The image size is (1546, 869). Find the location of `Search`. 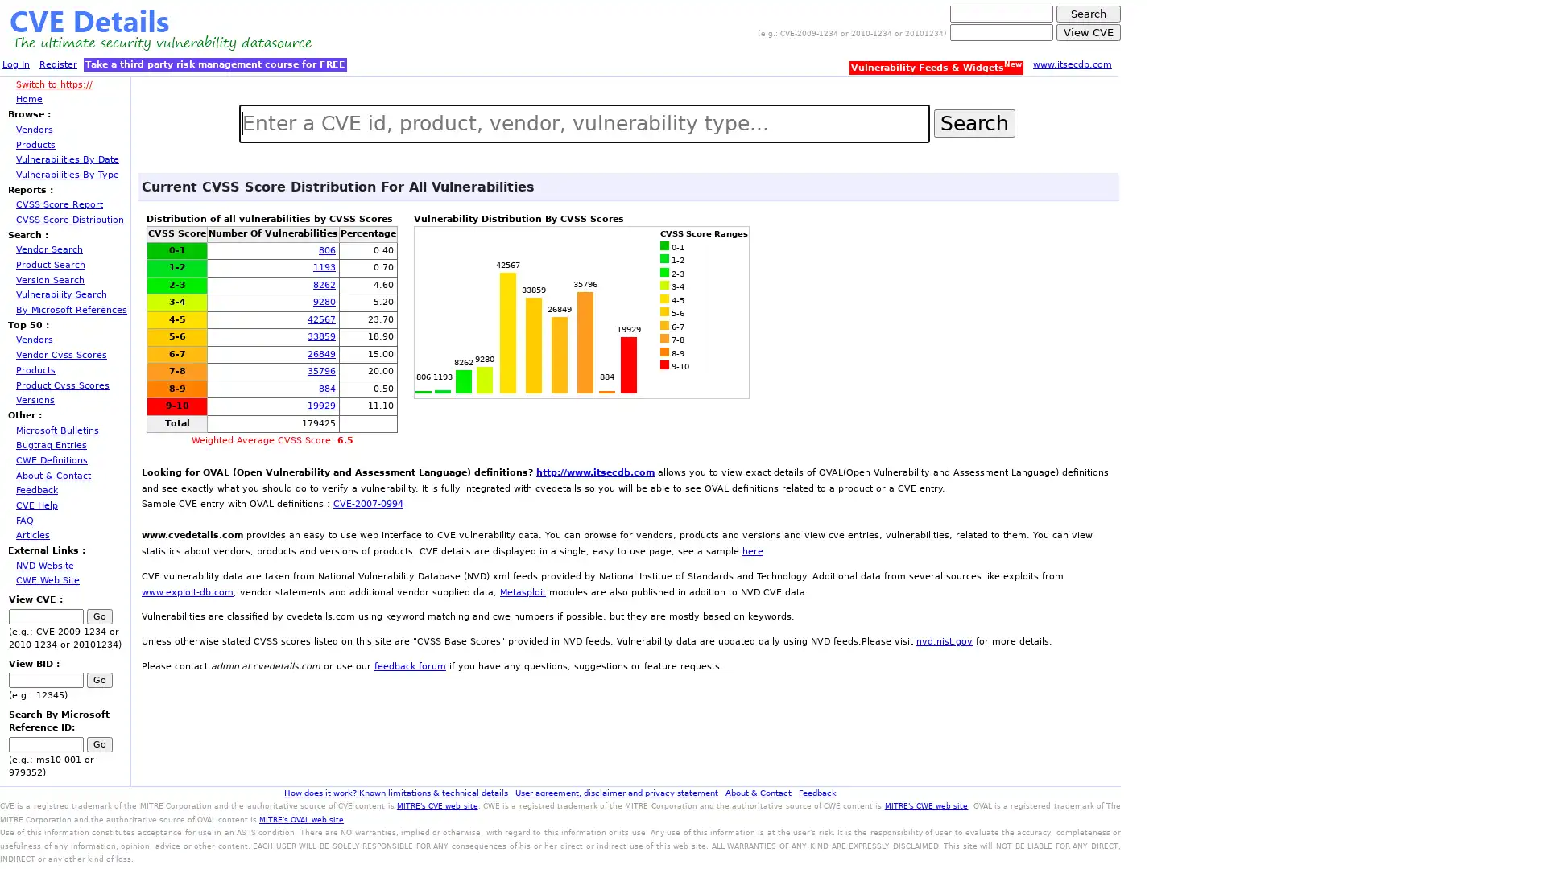

Search is located at coordinates (1089, 14).